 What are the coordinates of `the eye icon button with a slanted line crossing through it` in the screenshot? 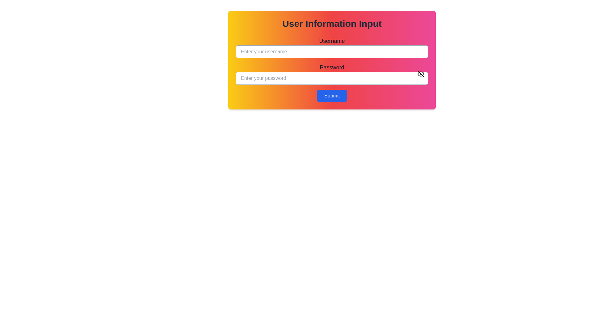 It's located at (421, 73).